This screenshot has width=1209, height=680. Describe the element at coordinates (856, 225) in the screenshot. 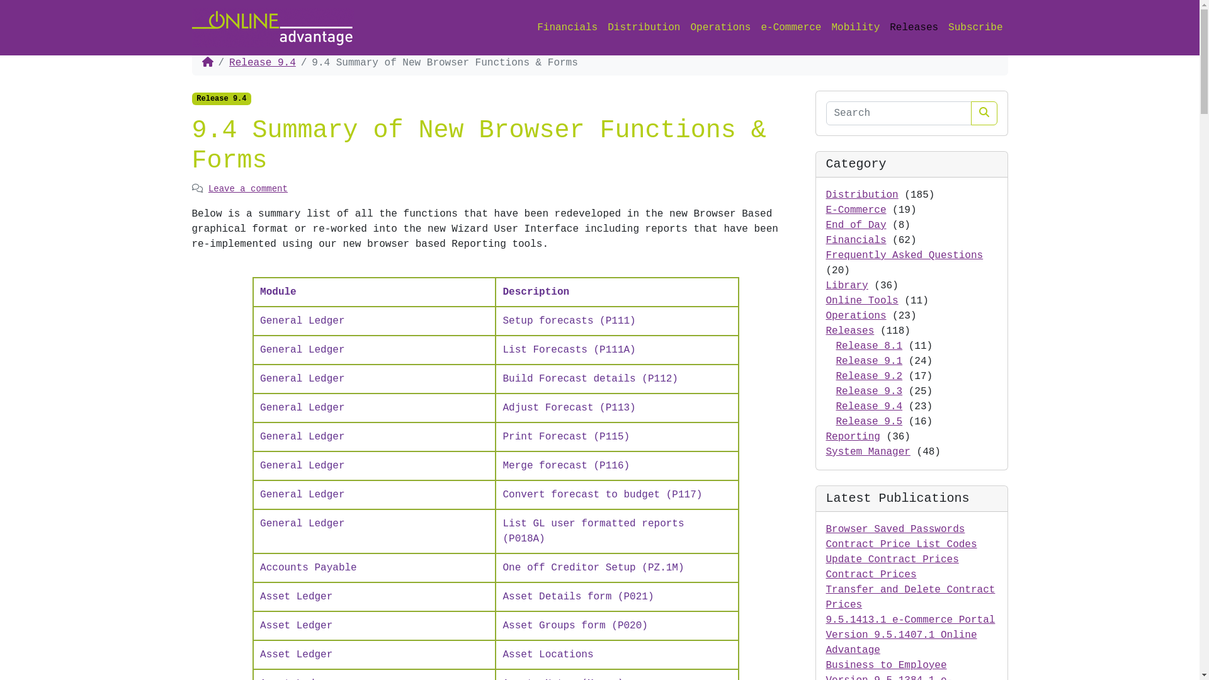

I see `'End of Day'` at that location.